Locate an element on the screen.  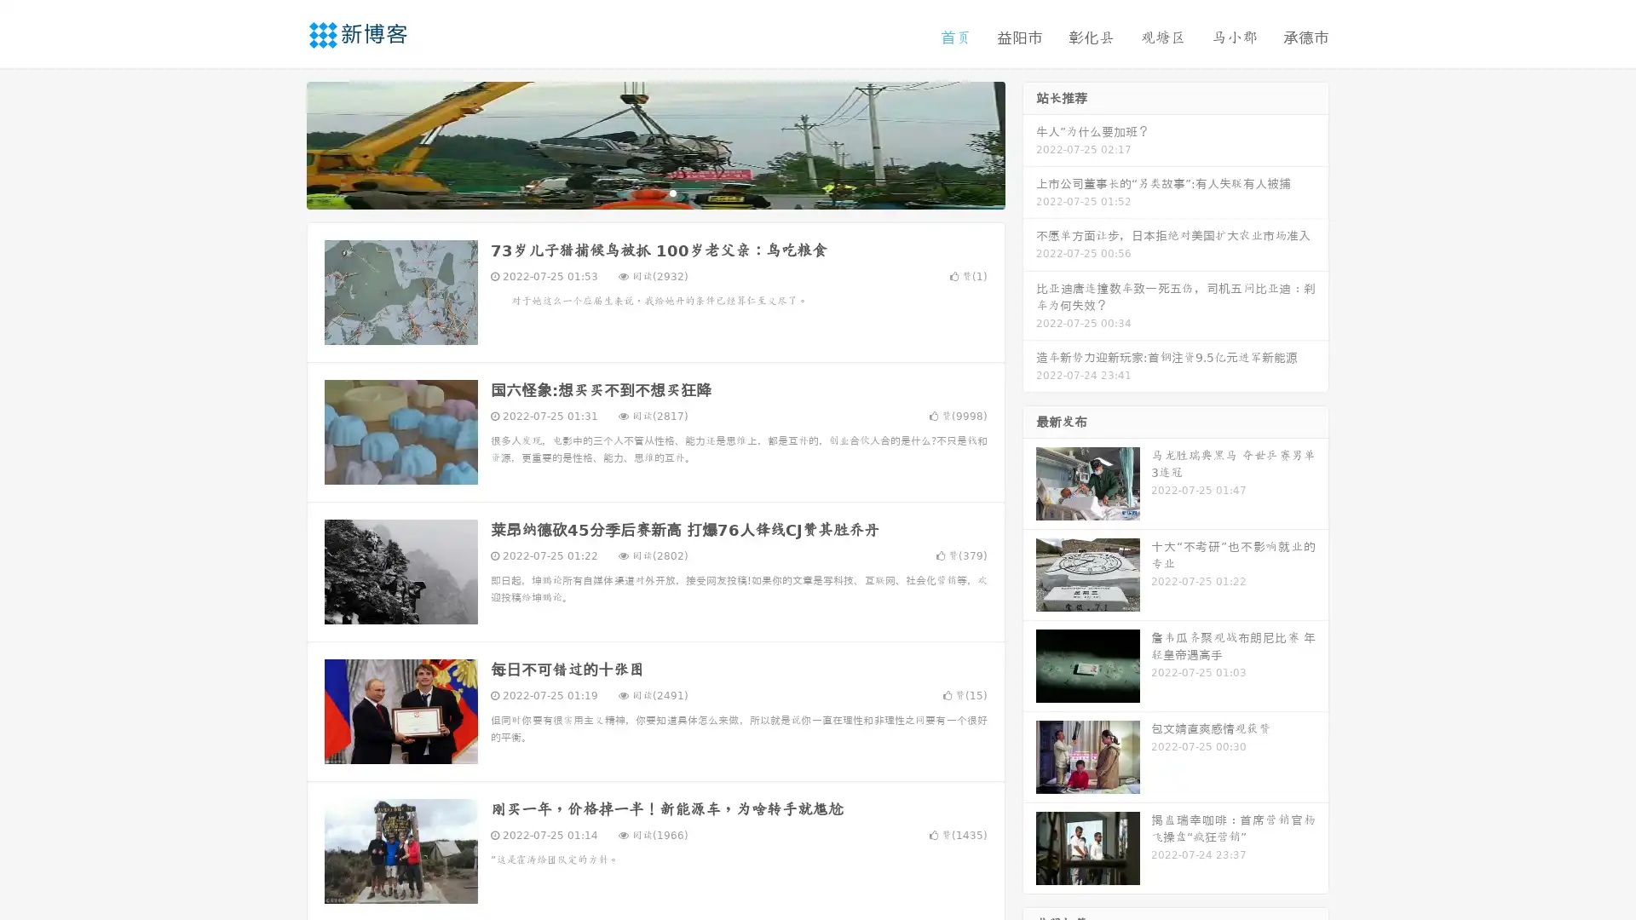
Go to slide 3 is located at coordinates (672, 192).